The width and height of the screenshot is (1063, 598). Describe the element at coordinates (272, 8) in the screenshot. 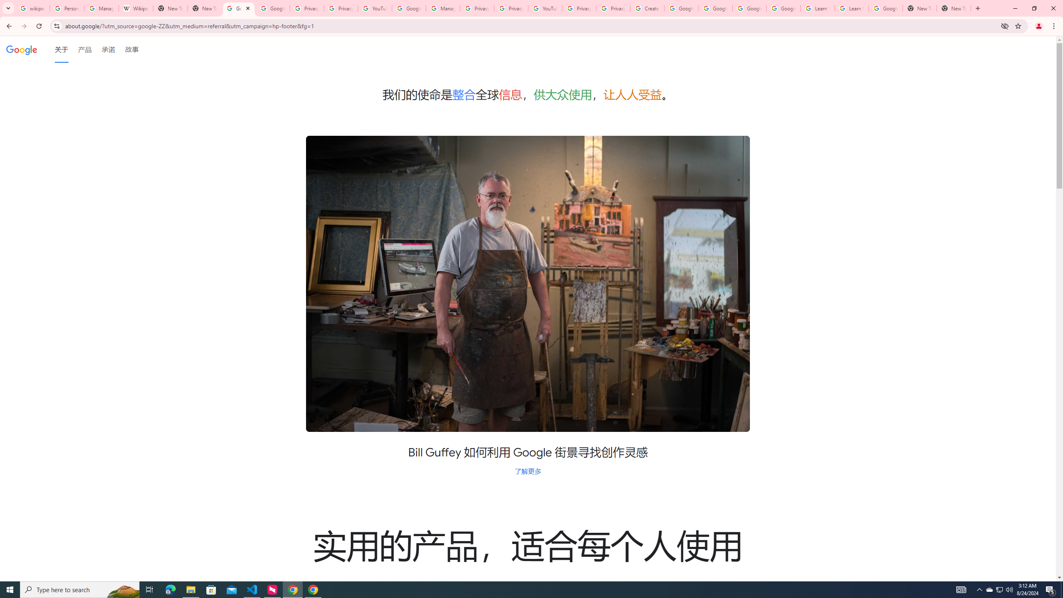

I see `'Google Drive: Sign-in'` at that location.